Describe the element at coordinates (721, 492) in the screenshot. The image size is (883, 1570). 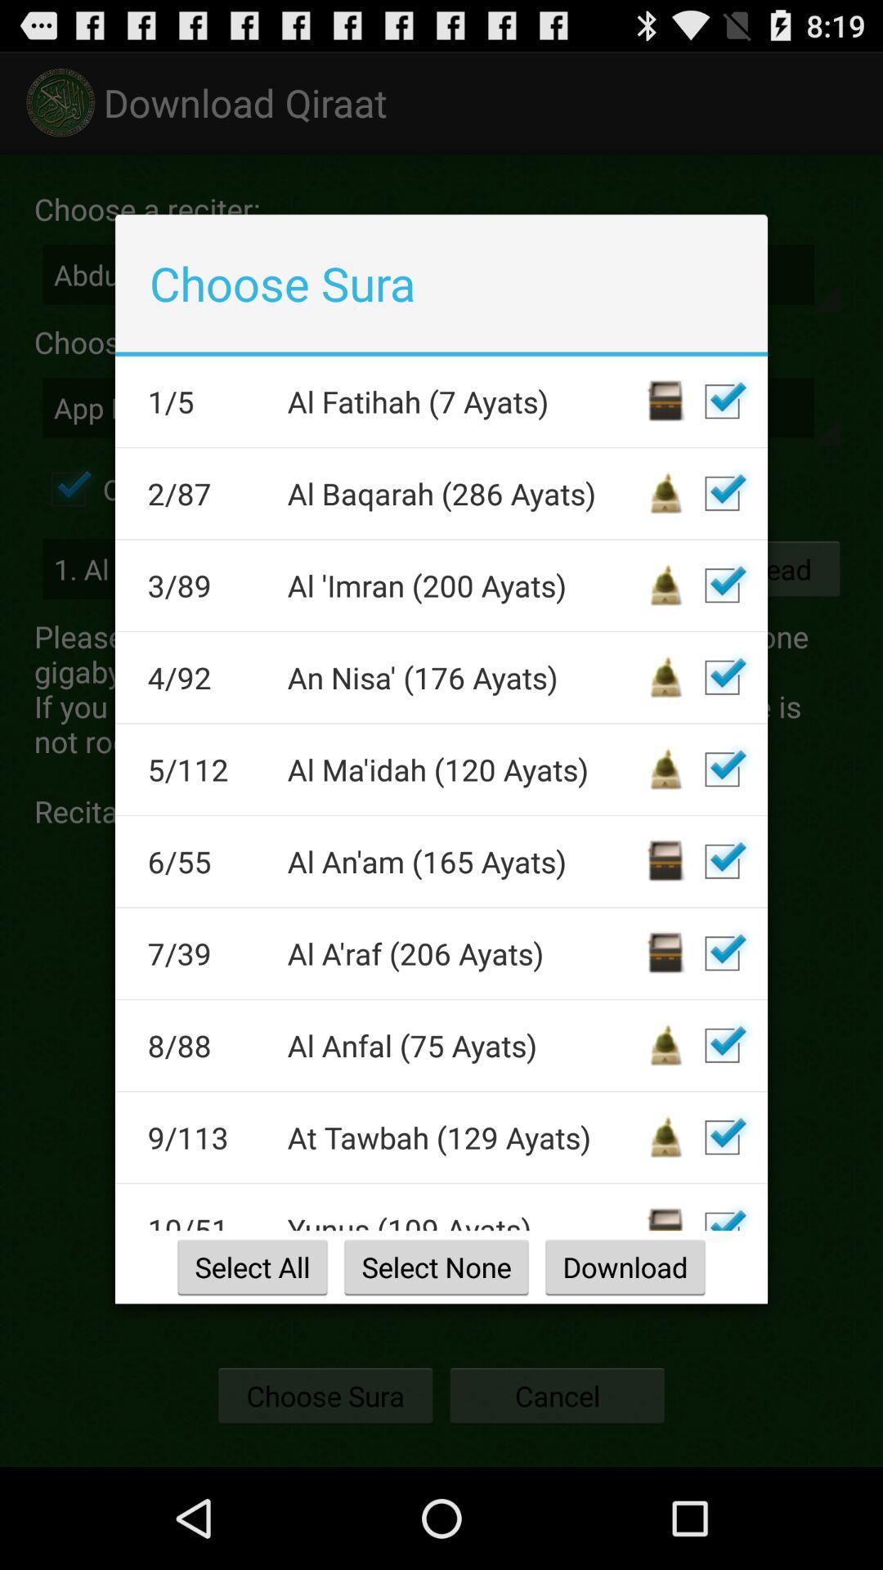
I see `a checkbox` at that location.